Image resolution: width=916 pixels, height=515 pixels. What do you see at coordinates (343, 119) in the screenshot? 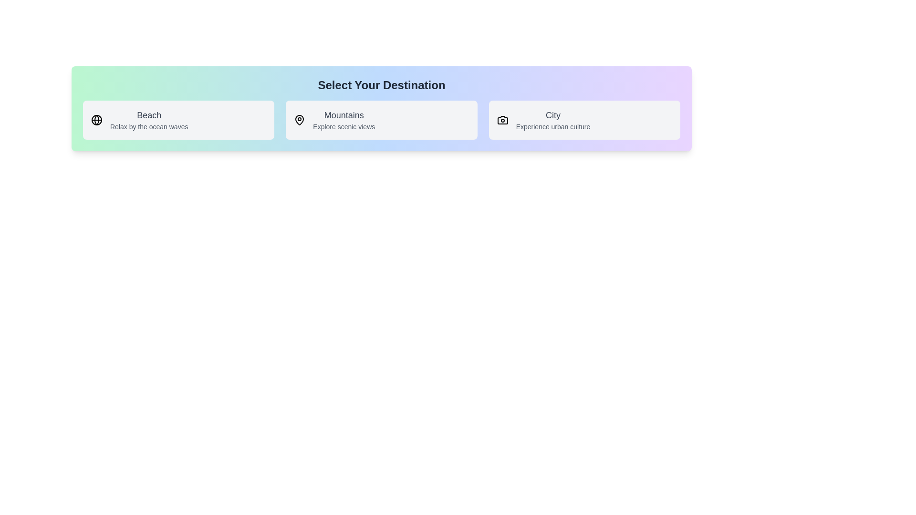
I see `the 'Mountains' destination text label, which is the second selectable panel in a row of three options, located in the middle of the panel group` at bounding box center [343, 119].